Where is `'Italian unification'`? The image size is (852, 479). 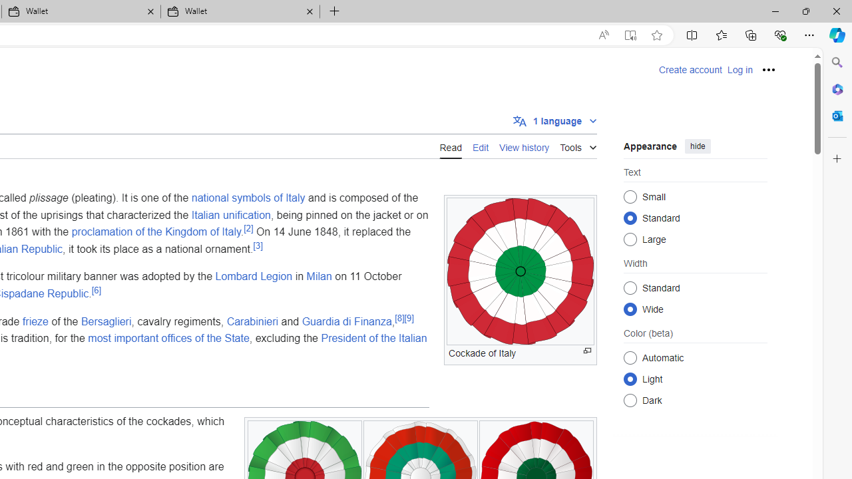 'Italian unification' is located at coordinates (230, 214).